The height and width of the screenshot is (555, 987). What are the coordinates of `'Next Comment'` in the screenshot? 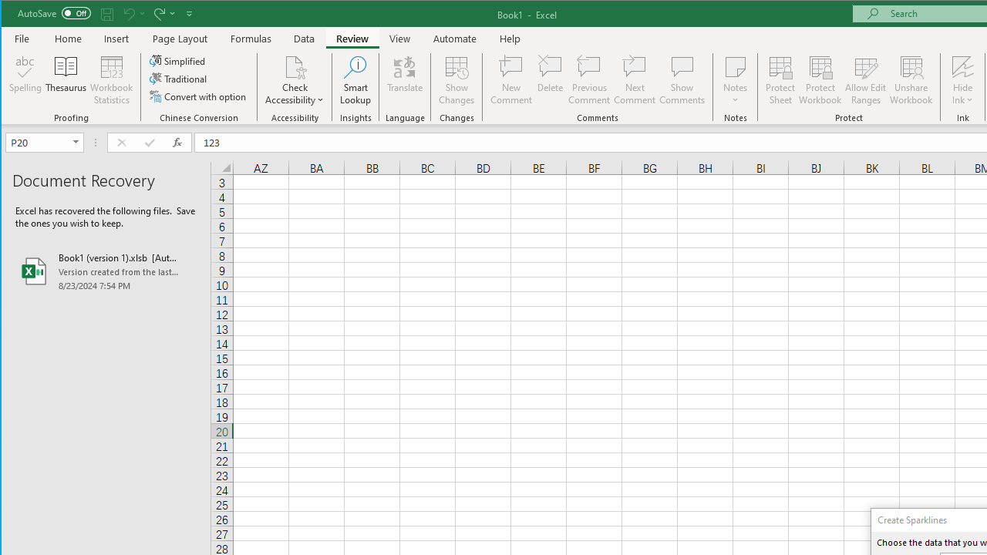 It's located at (635, 80).